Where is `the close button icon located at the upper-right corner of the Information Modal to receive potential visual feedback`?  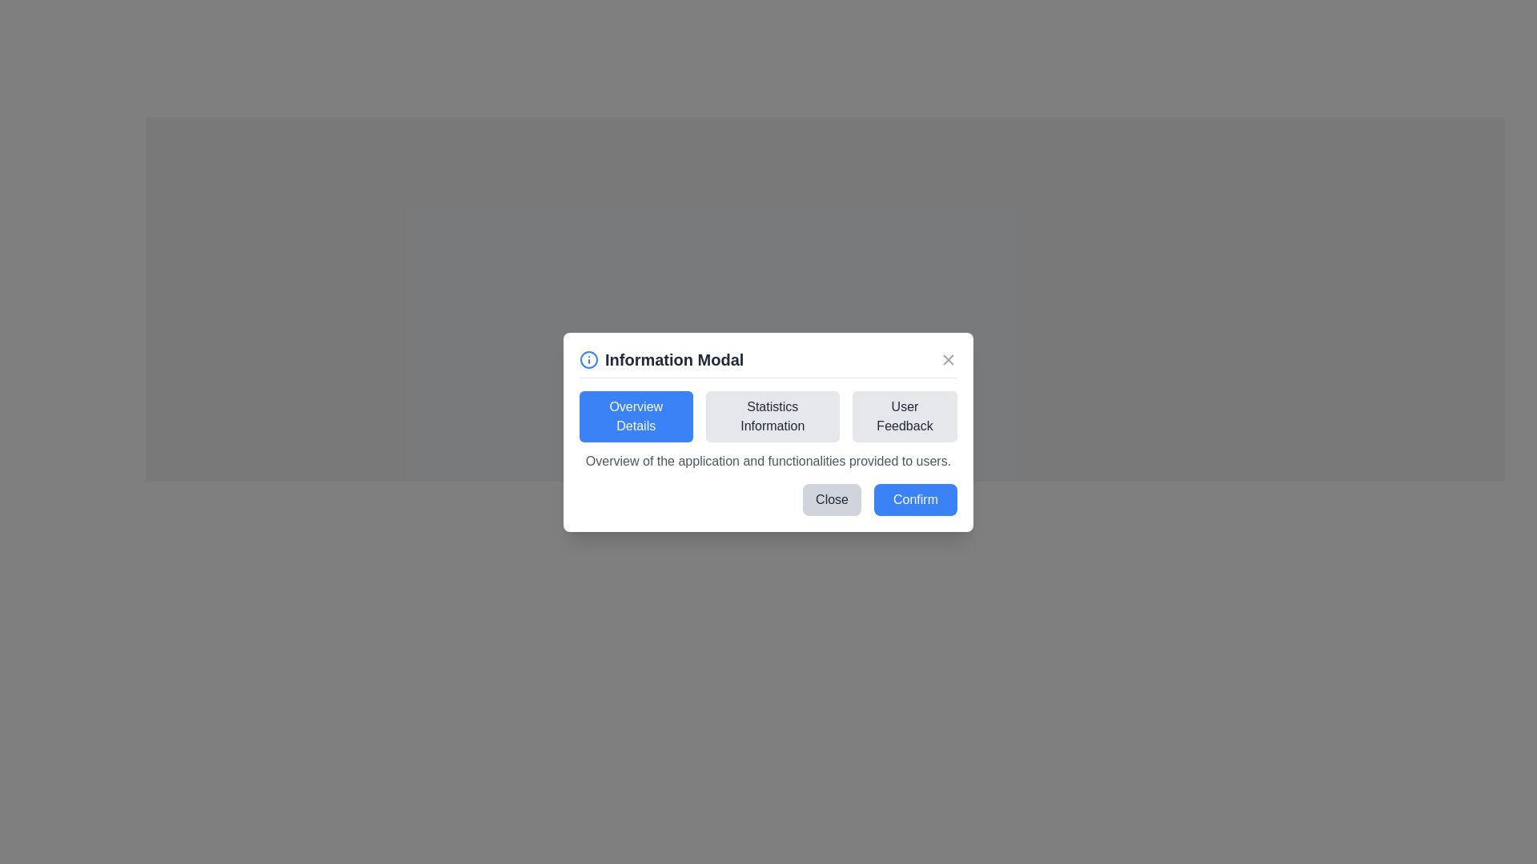 the close button icon located at the upper-right corner of the Information Modal to receive potential visual feedback is located at coordinates (949, 358).